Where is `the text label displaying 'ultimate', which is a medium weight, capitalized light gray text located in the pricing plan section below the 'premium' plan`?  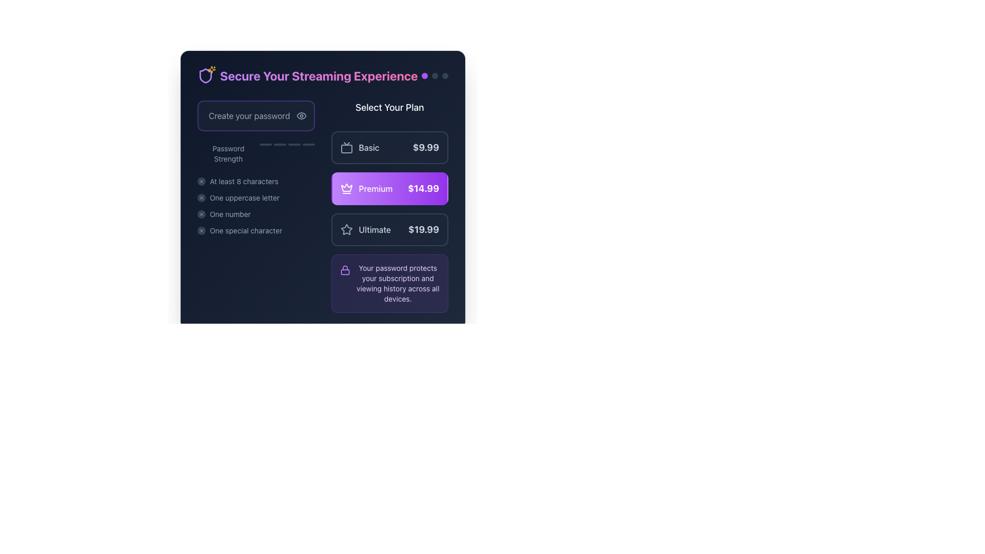 the text label displaying 'ultimate', which is a medium weight, capitalized light gray text located in the pricing plan section below the 'premium' plan is located at coordinates (374, 229).